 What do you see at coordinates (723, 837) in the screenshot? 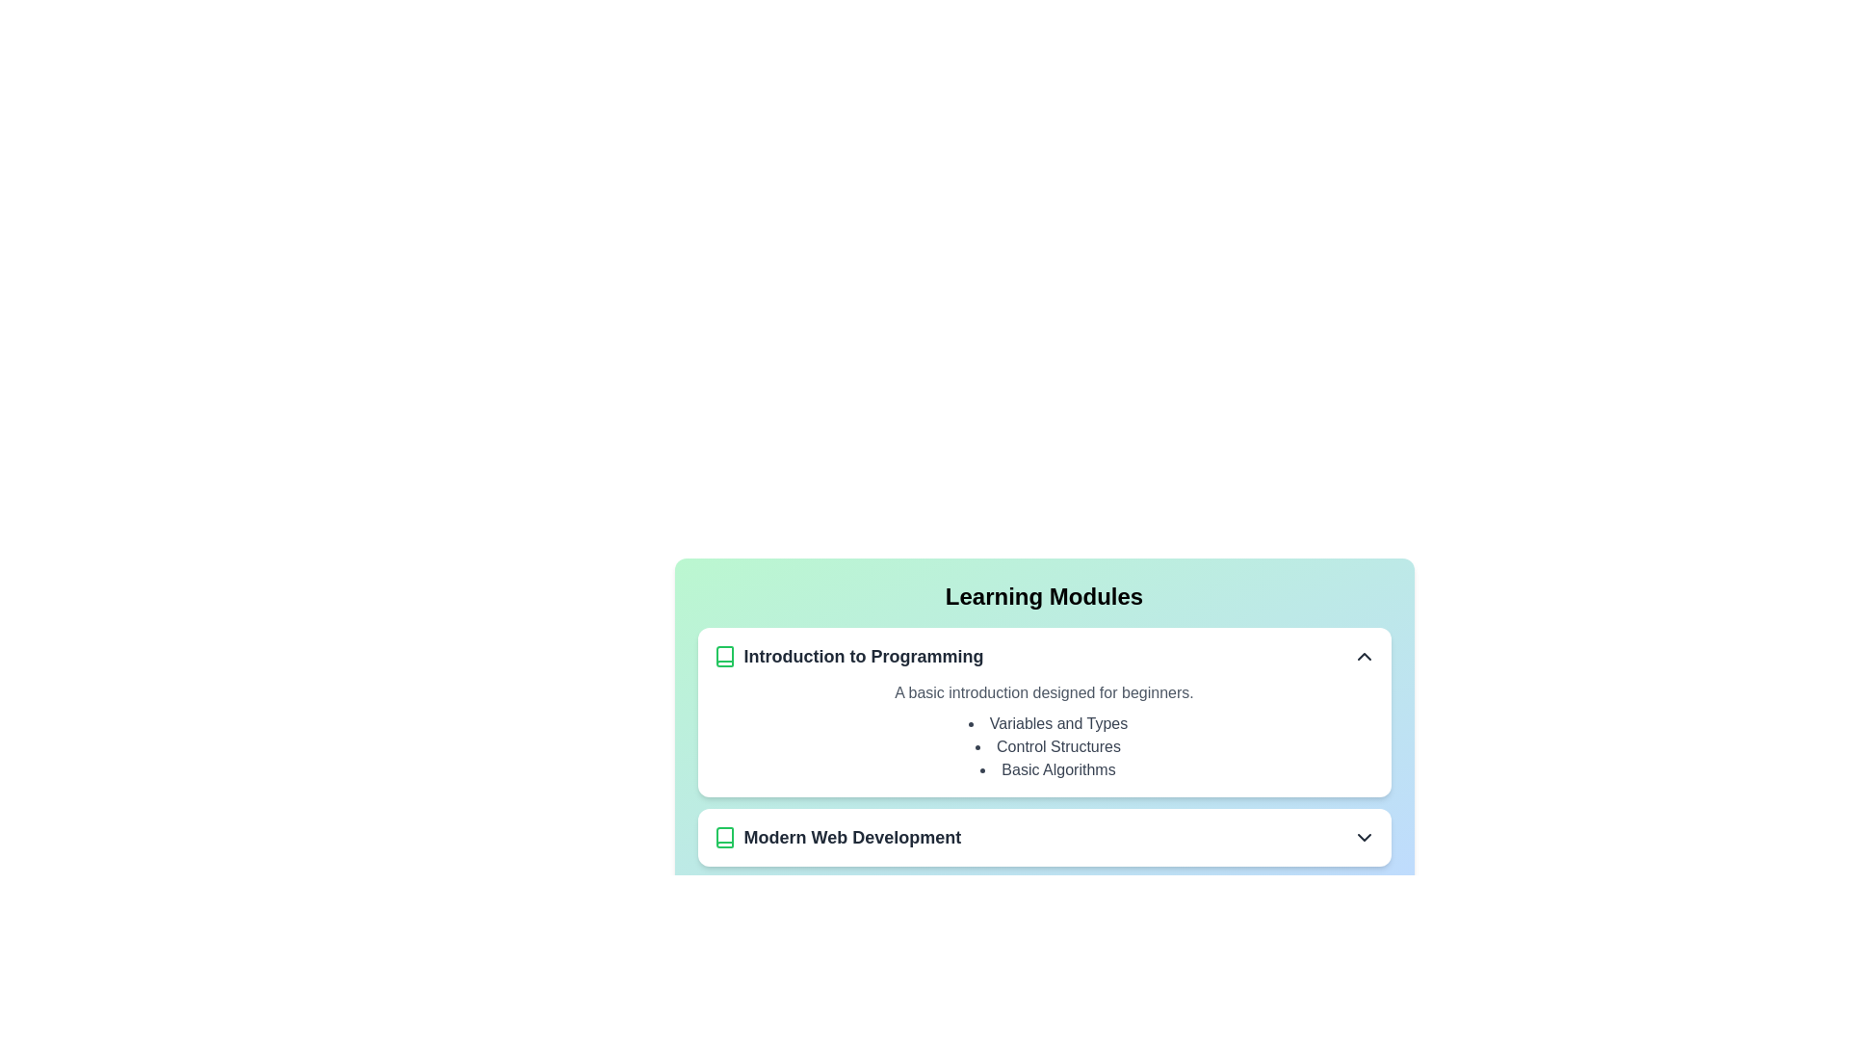
I see `the green book icon located to the left of the text 'Modern Web Development'` at bounding box center [723, 837].